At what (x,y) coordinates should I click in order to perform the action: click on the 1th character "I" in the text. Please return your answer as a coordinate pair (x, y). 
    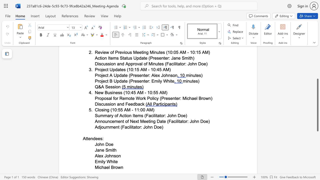
    Looking at the image, I should click on (133, 115).